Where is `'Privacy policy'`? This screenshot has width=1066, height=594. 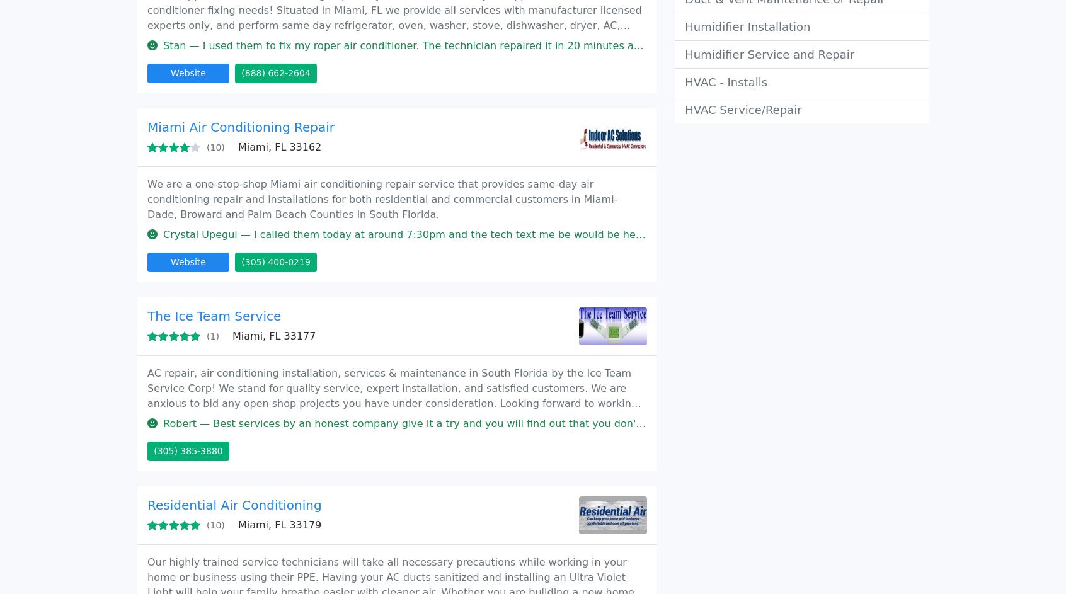
'Privacy policy' is located at coordinates (847, 62).